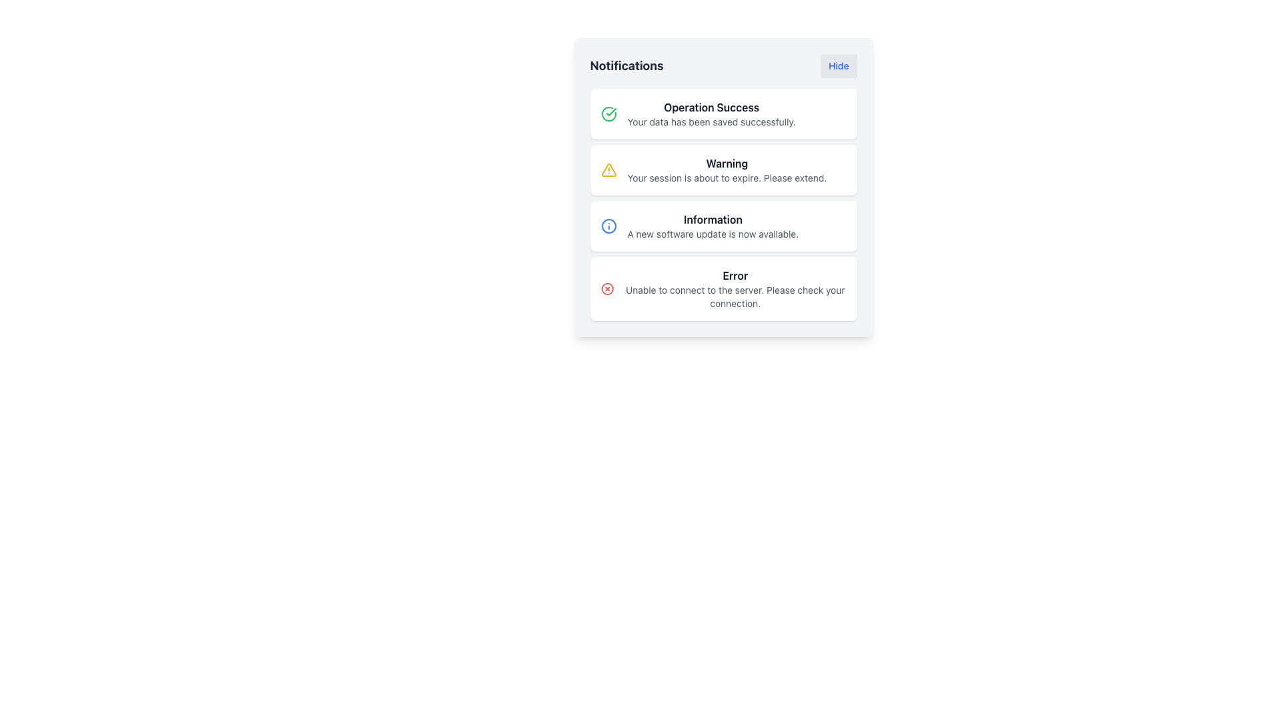 This screenshot has height=721, width=1281. I want to click on the error notification card that informs users about a connection issue, located as the fourth element in a vertical stack of notifications, so click(735, 288).